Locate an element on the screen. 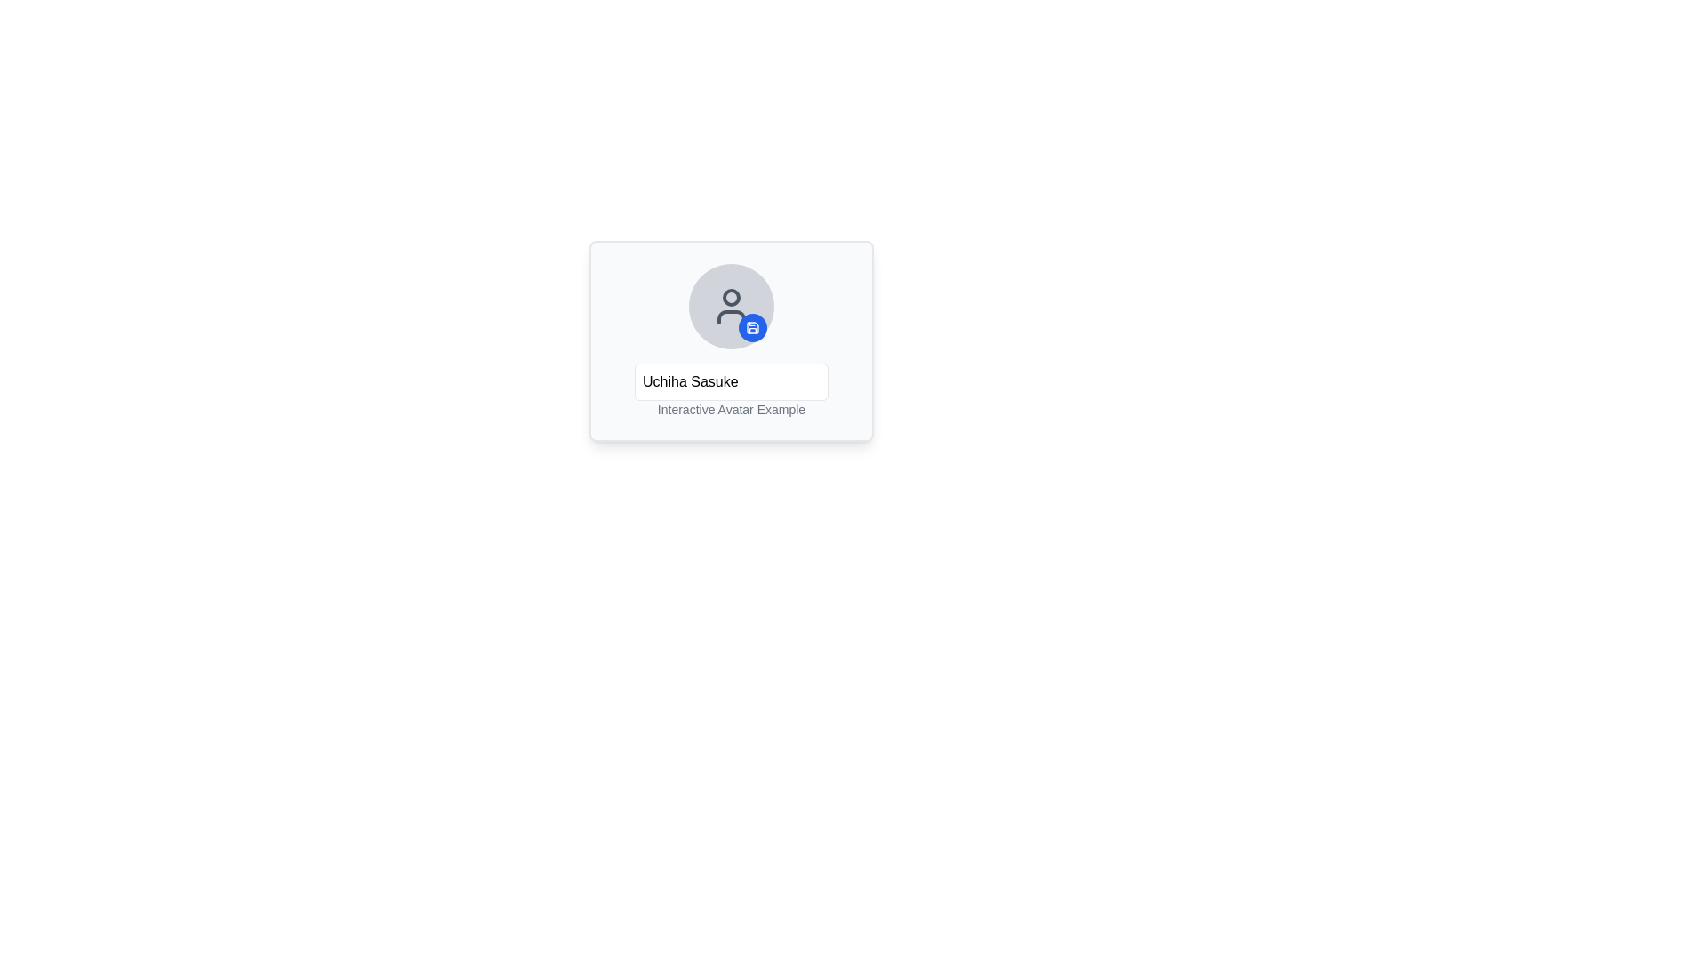  the save icon located at the bottom-right of the avatar card for 'Uchiha Sasuke' is located at coordinates (752, 328).